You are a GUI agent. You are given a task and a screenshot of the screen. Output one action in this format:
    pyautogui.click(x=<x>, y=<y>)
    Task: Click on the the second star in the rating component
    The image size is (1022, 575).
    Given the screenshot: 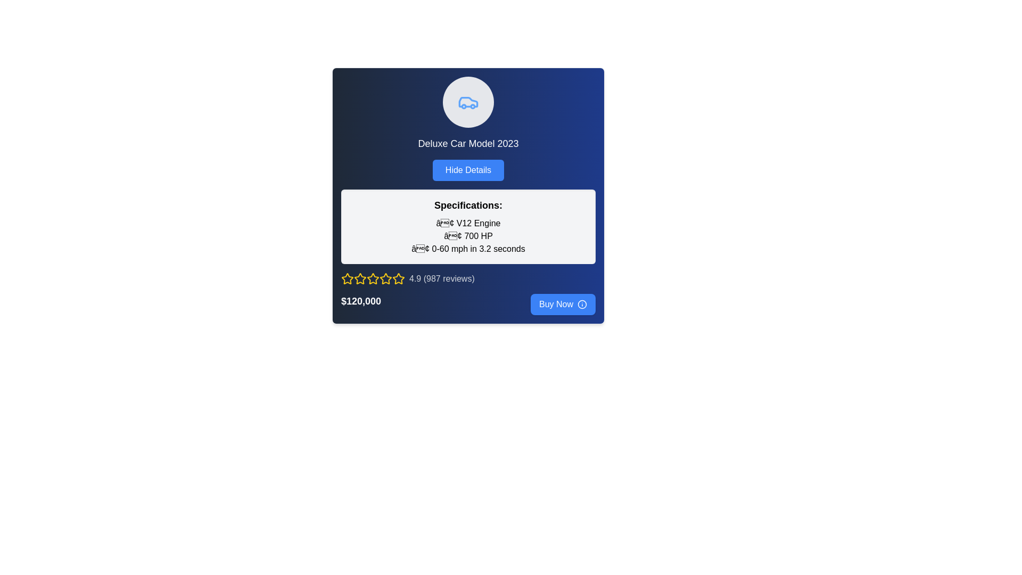 What is the action you would take?
    pyautogui.click(x=373, y=278)
    